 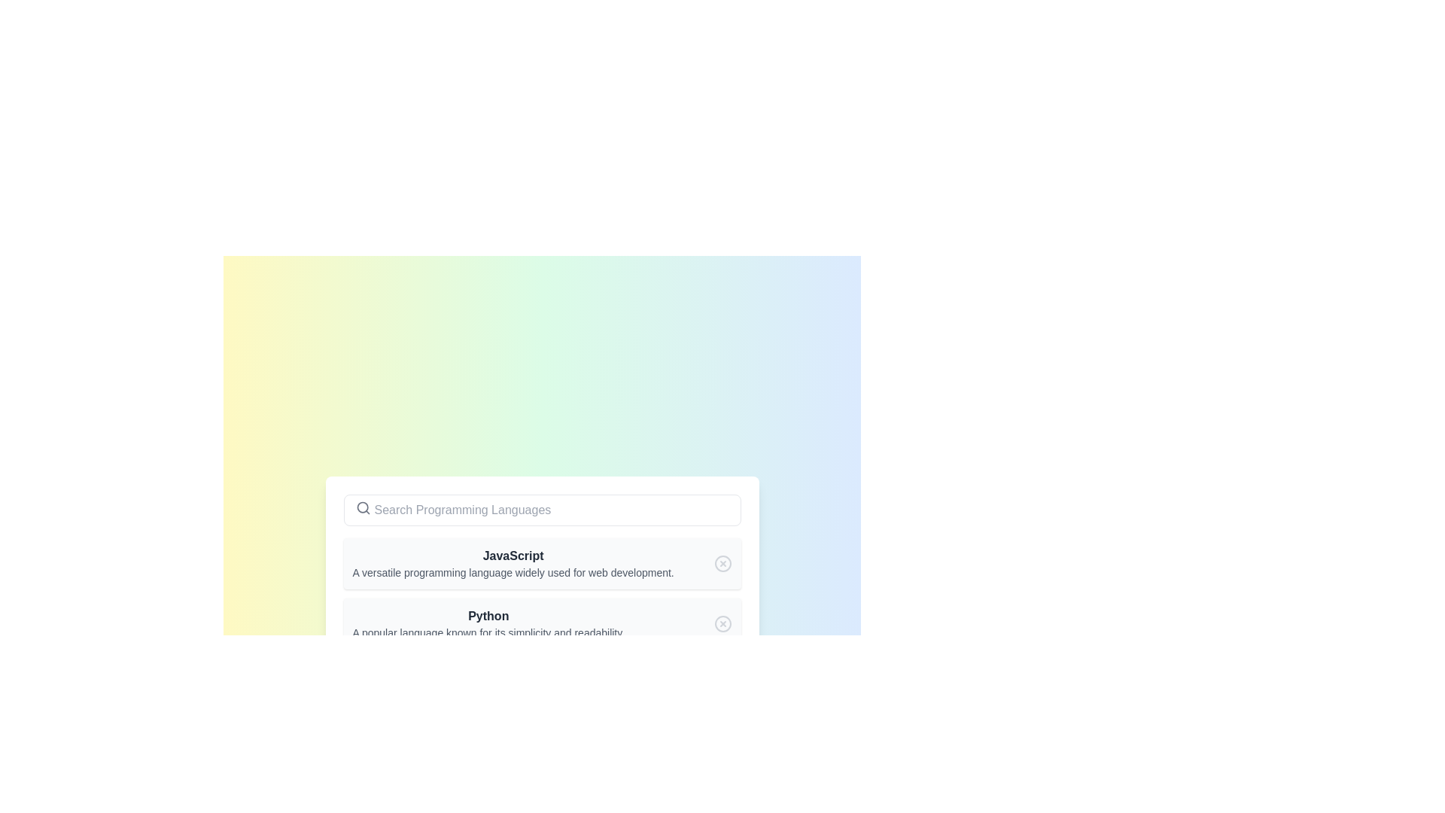 I want to click on the cancel icon with a cross mark inside, so click(x=722, y=624).